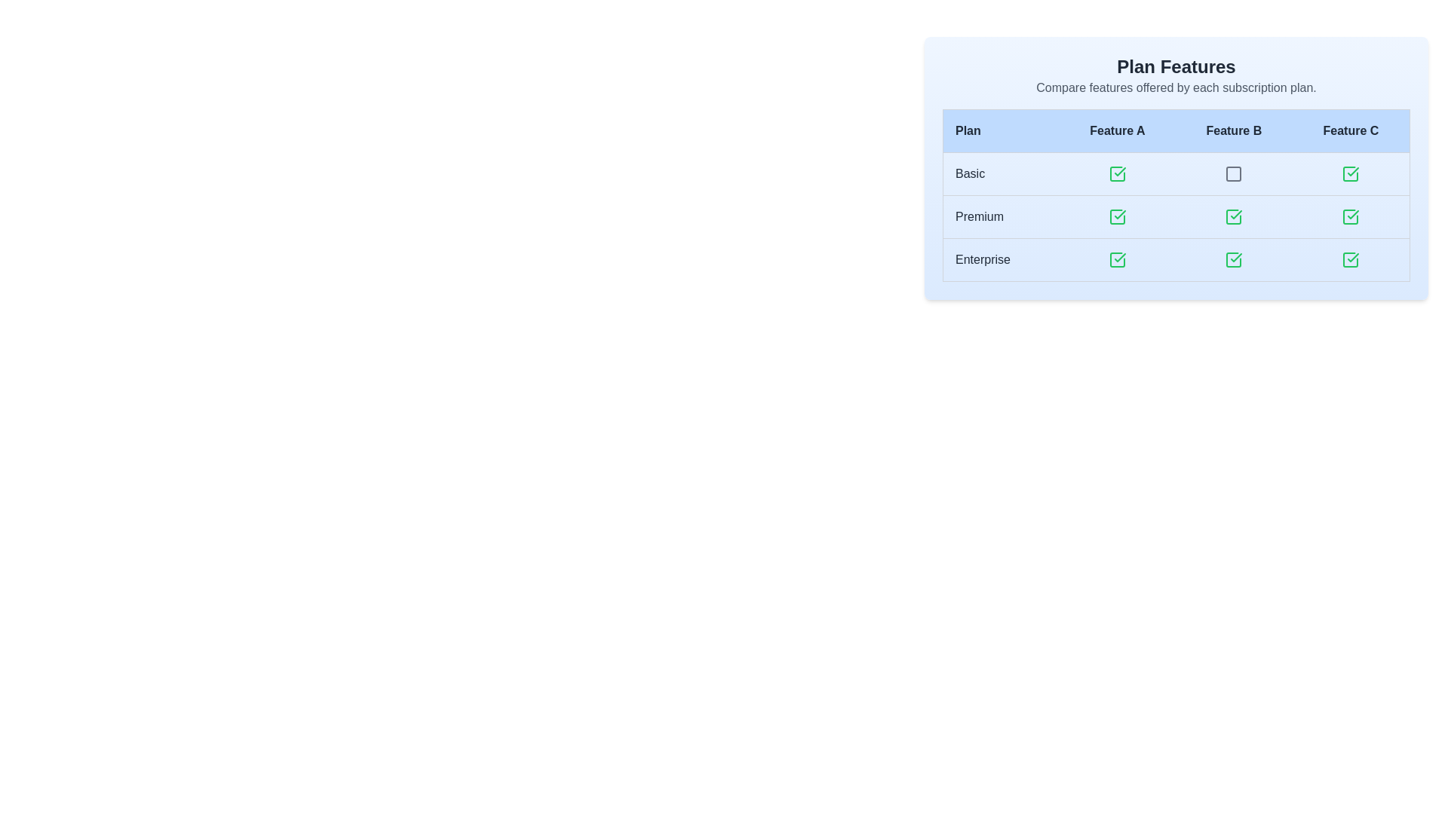  Describe the element at coordinates (1353, 170) in the screenshot. I see `the green checkmark icon in the 'Feature C' column of the first row labeled 'Basic' in the subscription plans table` at that location.